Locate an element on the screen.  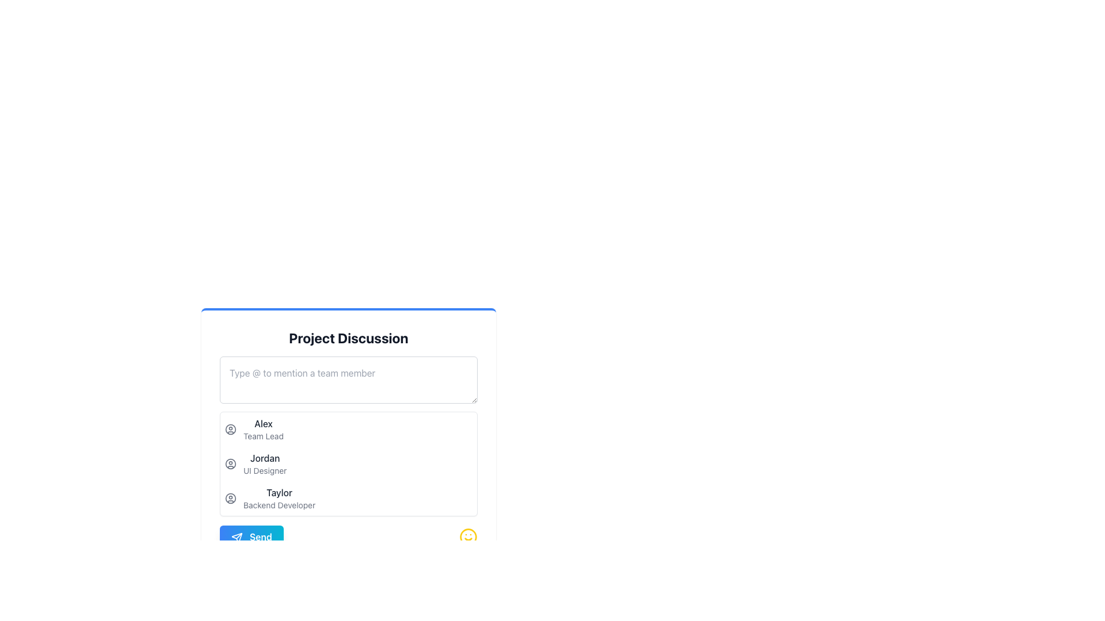
the user icon associated with the name 'Jordan', which is located to the left of 'Jordan' and aligned horizontally with it in a vertical list is located at coordinates (230, 463).